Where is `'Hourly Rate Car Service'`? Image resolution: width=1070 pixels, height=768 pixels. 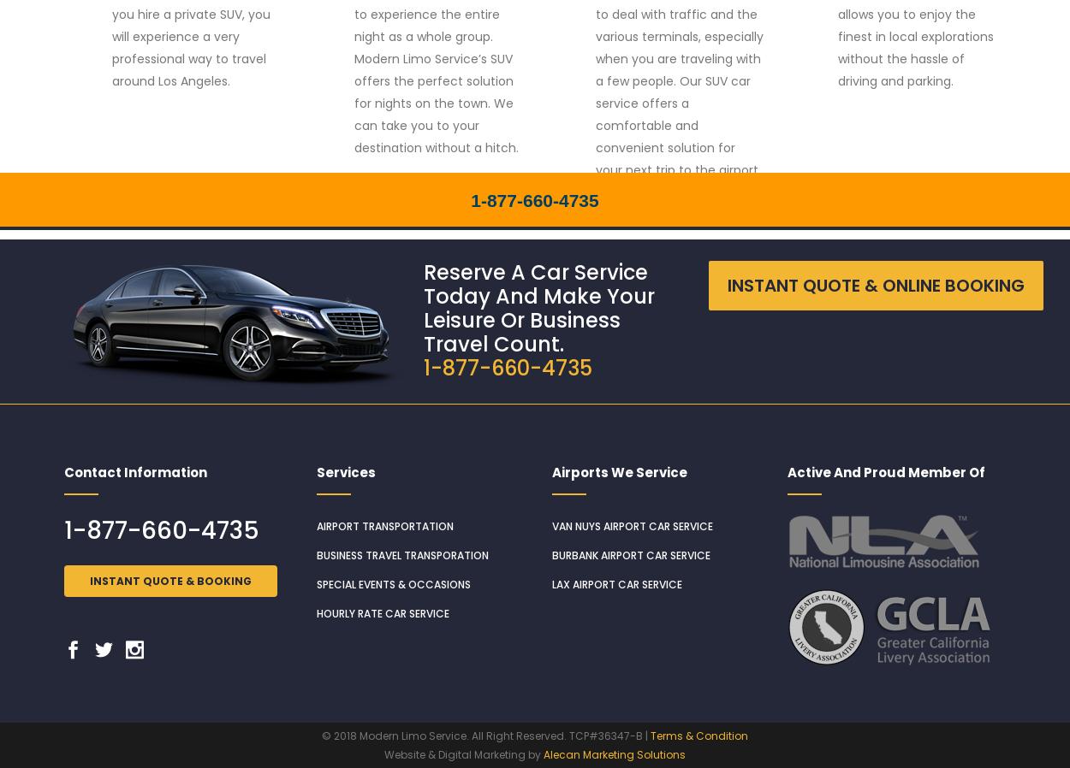 'Hourly Rate Car Service' is located at coordinates (382, 613).